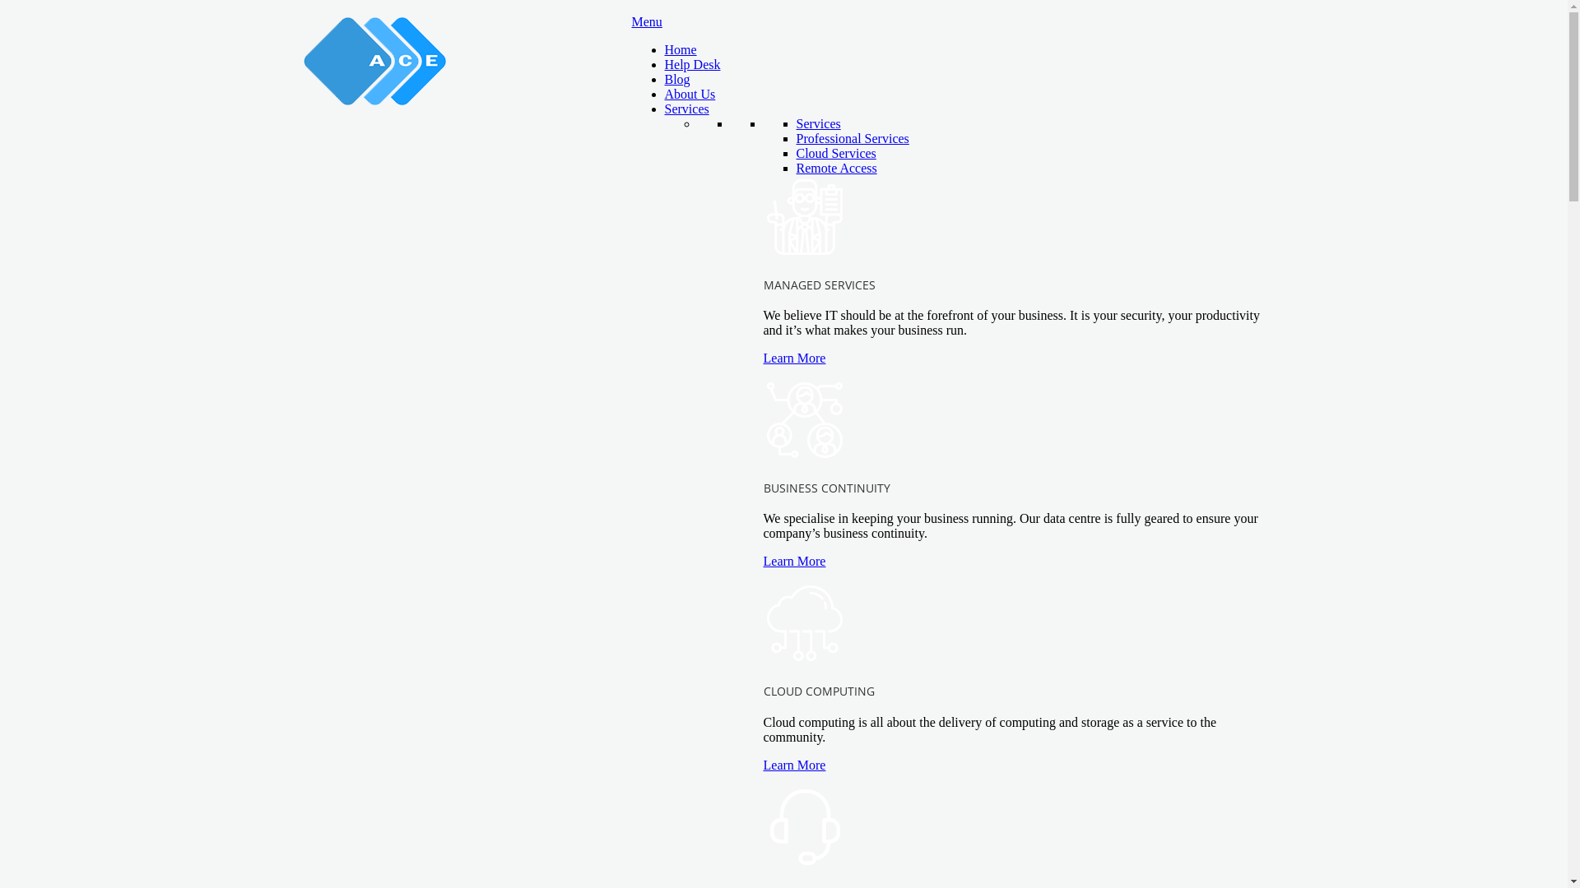 This screenshot has width=1580, height=888. What do you see at coordinates (692, 63) in the screenshot?
I see `'Help Desk'` at bounding box center [692, 63].